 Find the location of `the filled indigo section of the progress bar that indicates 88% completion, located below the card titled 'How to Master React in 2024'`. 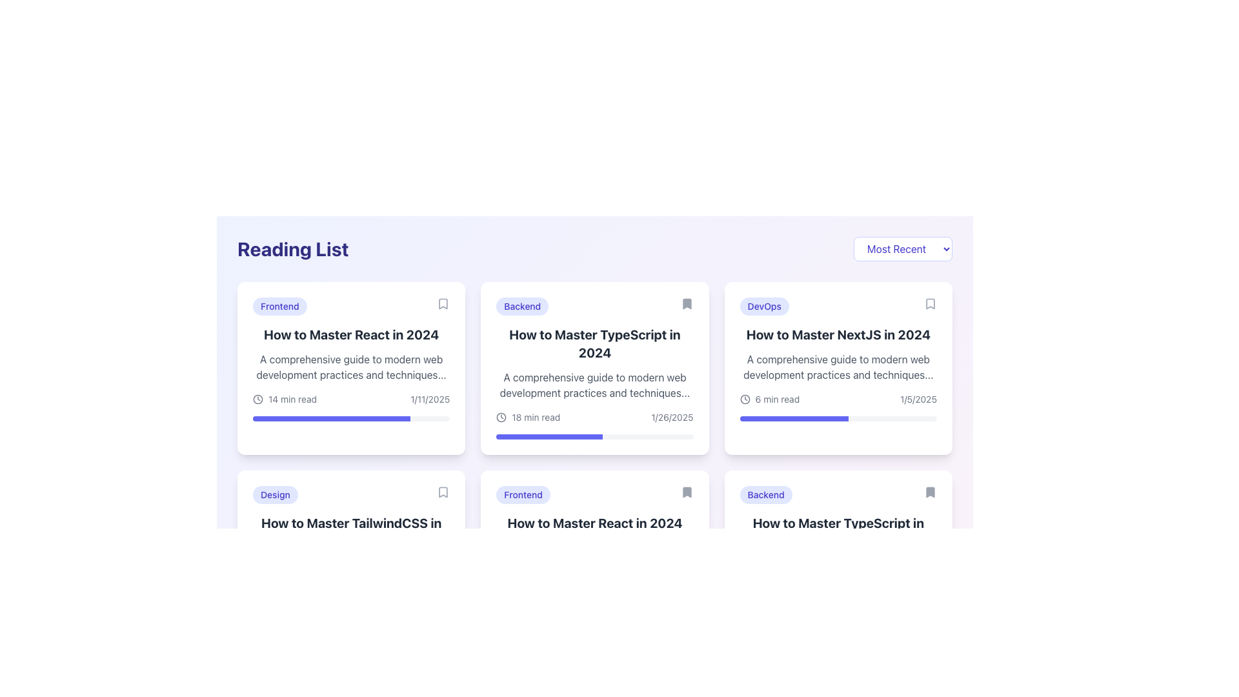

the filled indigo section of the progress bar that indicates 88% completion, located below the card titled 'How to Master React in 2024' is located at coordinates (582, 607).